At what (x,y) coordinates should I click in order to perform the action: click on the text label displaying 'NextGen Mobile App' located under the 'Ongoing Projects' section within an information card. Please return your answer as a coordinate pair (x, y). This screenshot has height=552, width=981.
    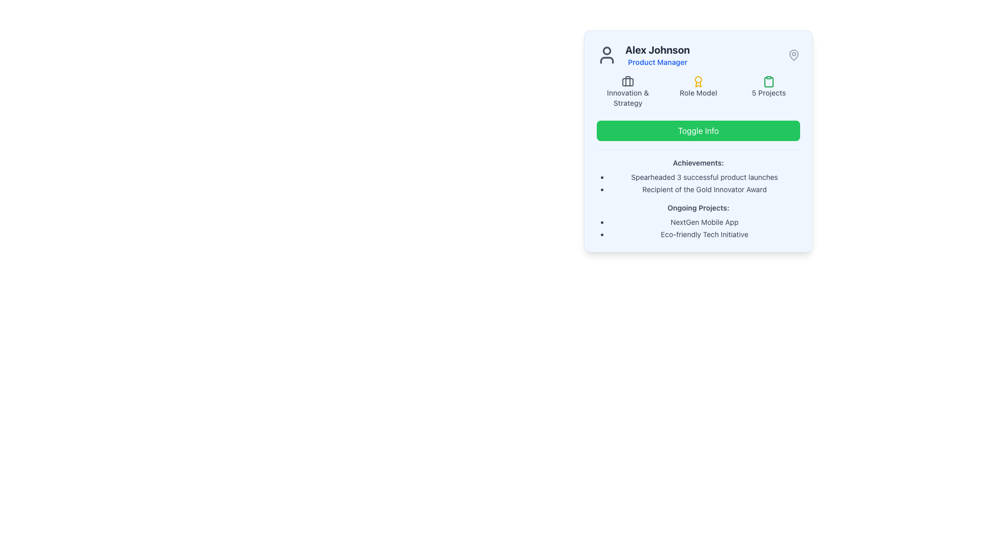
    Looking at the image, I should click on (704, 222).